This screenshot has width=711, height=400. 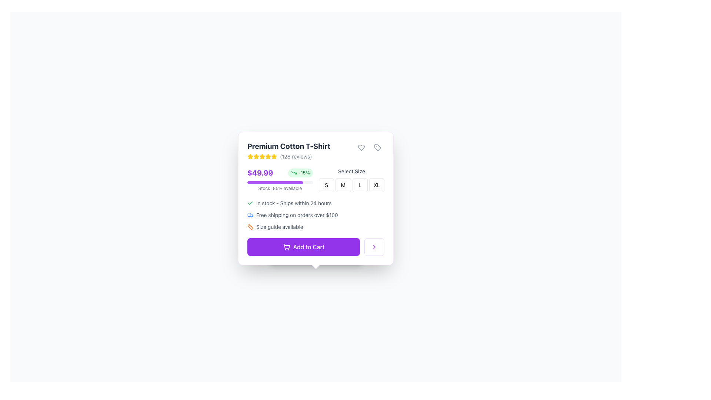 What do you see at coordinates (250, 227) in the screenshot?
I see `the orange ruler icon located to the left of the 'Size guide available' label in the content card` at bounding box center [250, 227].